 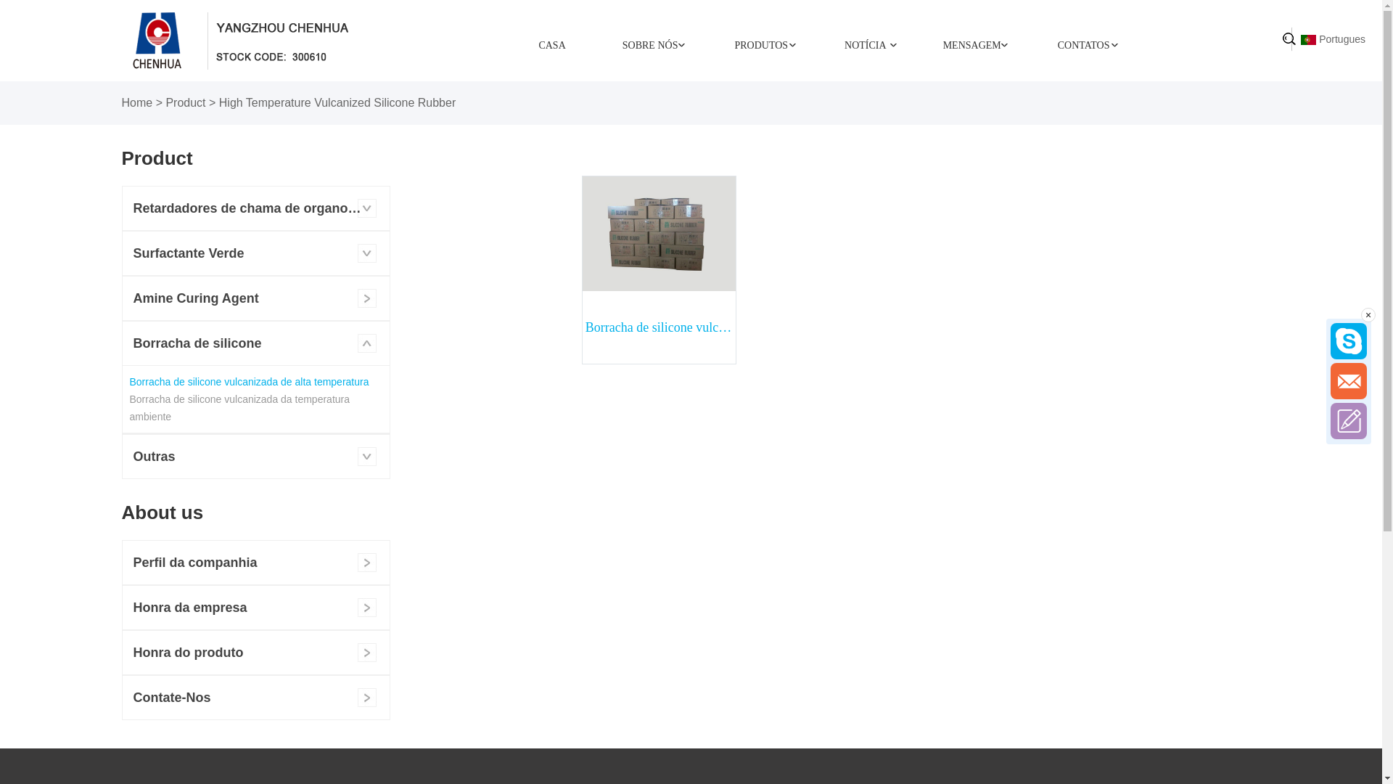 I want to click on 'Portugues', so click(x=1333, y=38).